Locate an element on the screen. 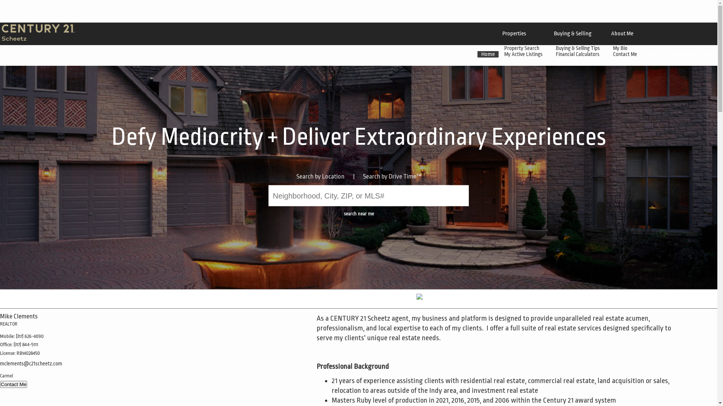  'Contact Me' is located at coordinates (13, 384).